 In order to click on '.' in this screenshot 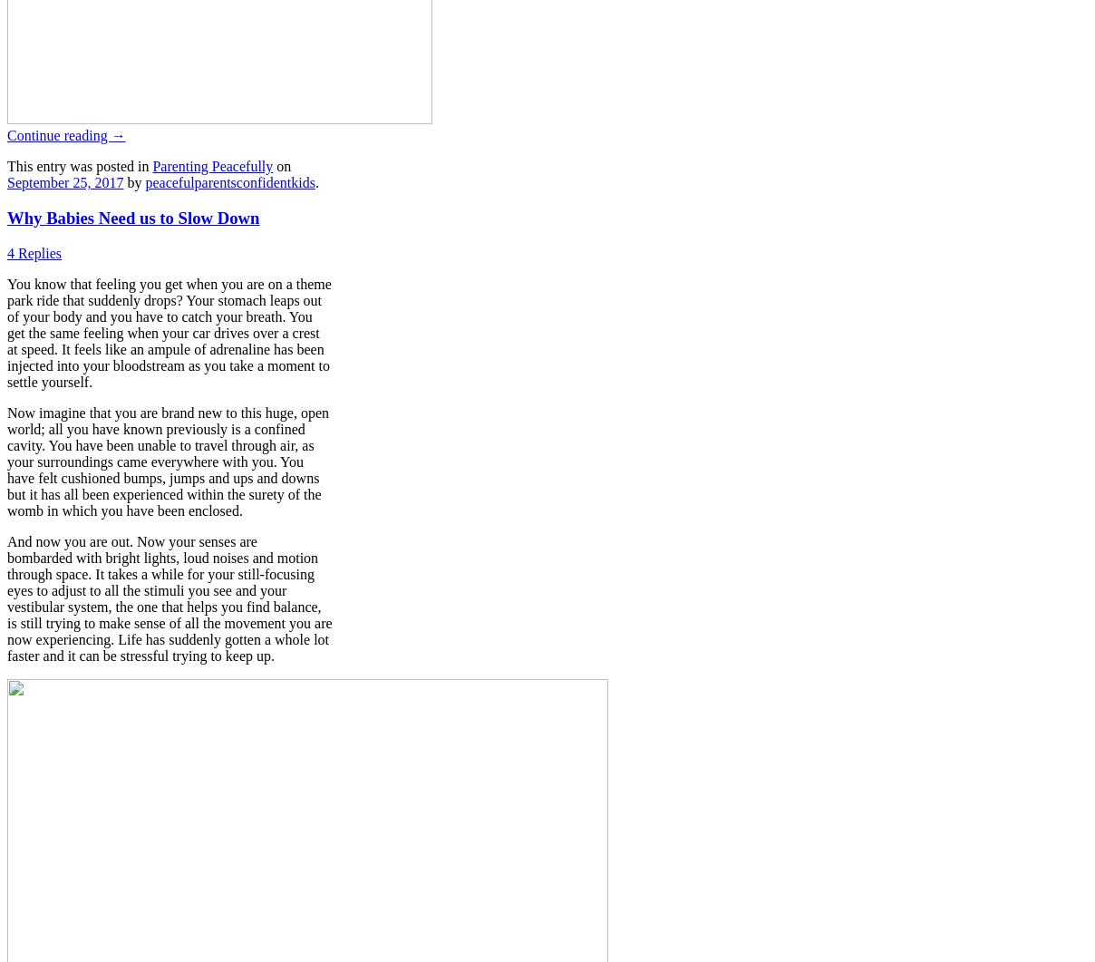, I will do `click(314, 181)`.